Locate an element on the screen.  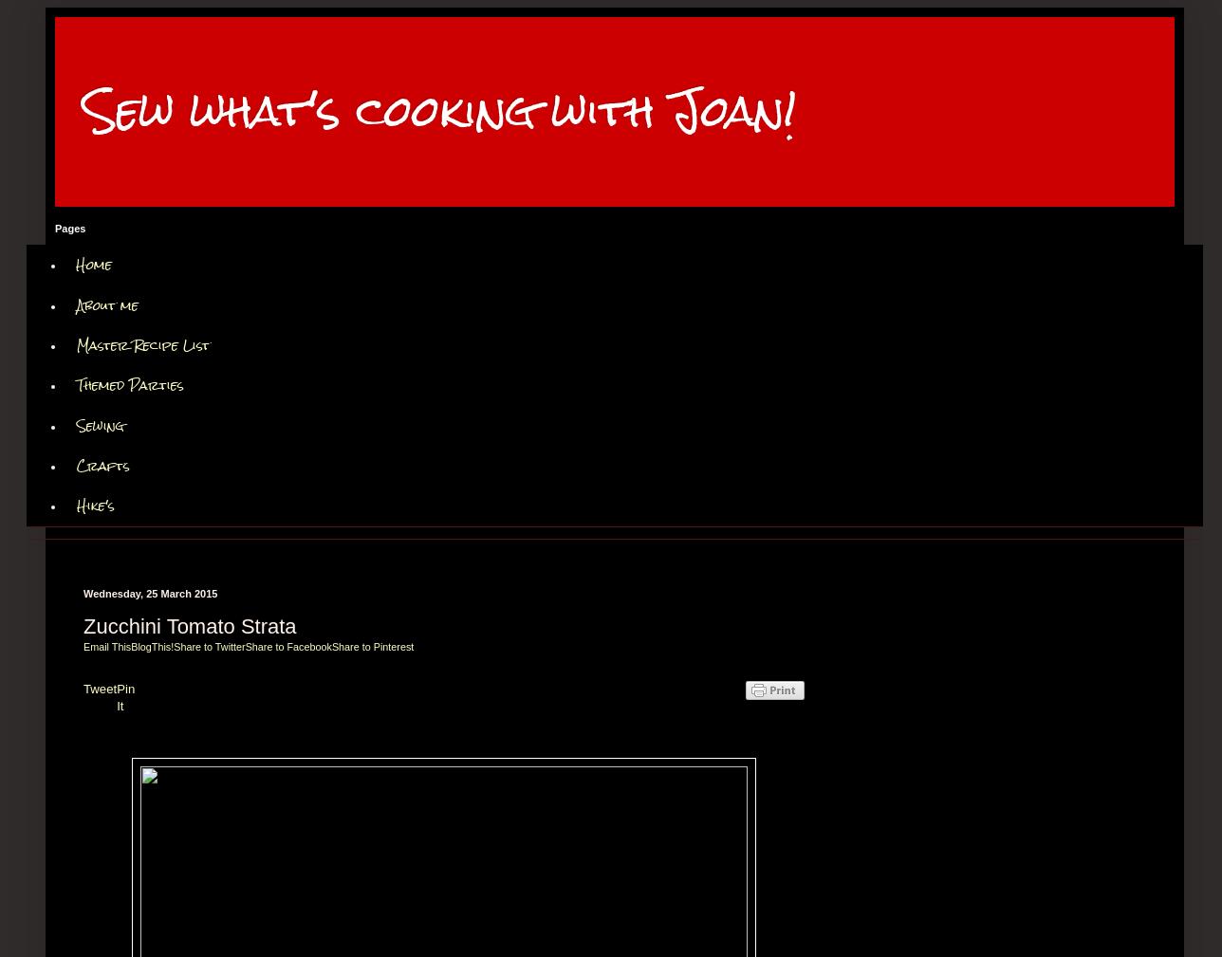
'BlogThis!' is located at coordinates (152, 646).